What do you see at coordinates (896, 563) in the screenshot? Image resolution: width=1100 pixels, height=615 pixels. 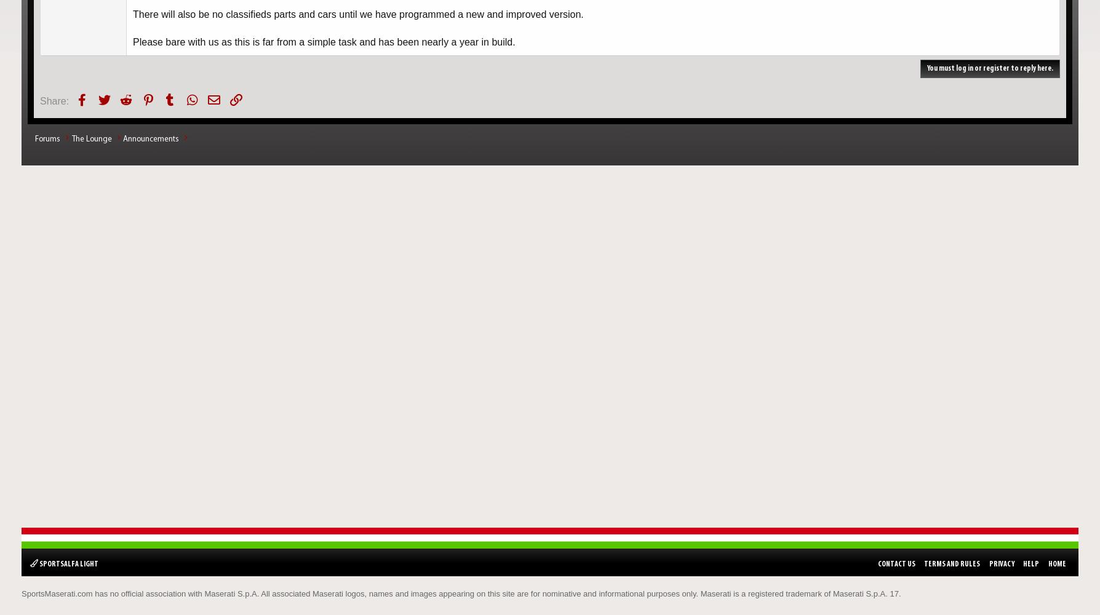 I see `'Contact us'` at bounding box center [896, 563].